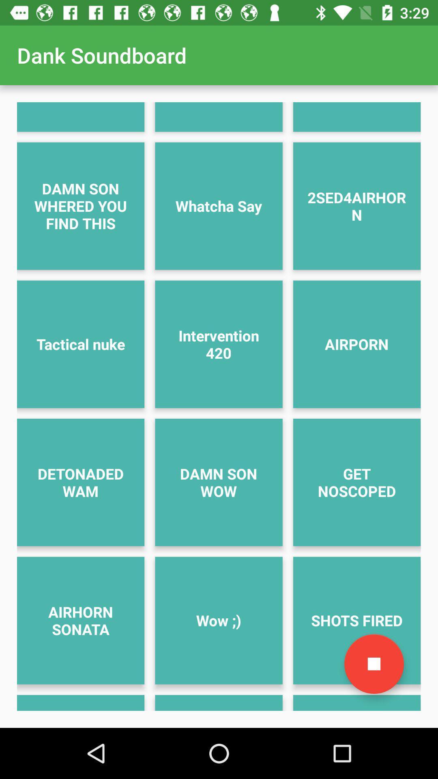 The image size is (438, 779). What do you see at coordinates (374, 664) in the screenshot?
I see `the icon to the right of the wow ;) item` at bounding box center [374, 664].